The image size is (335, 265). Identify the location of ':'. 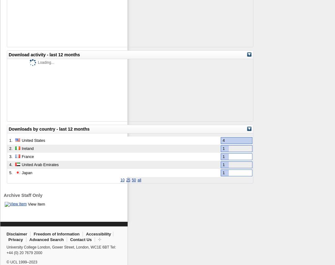
(115, 246).